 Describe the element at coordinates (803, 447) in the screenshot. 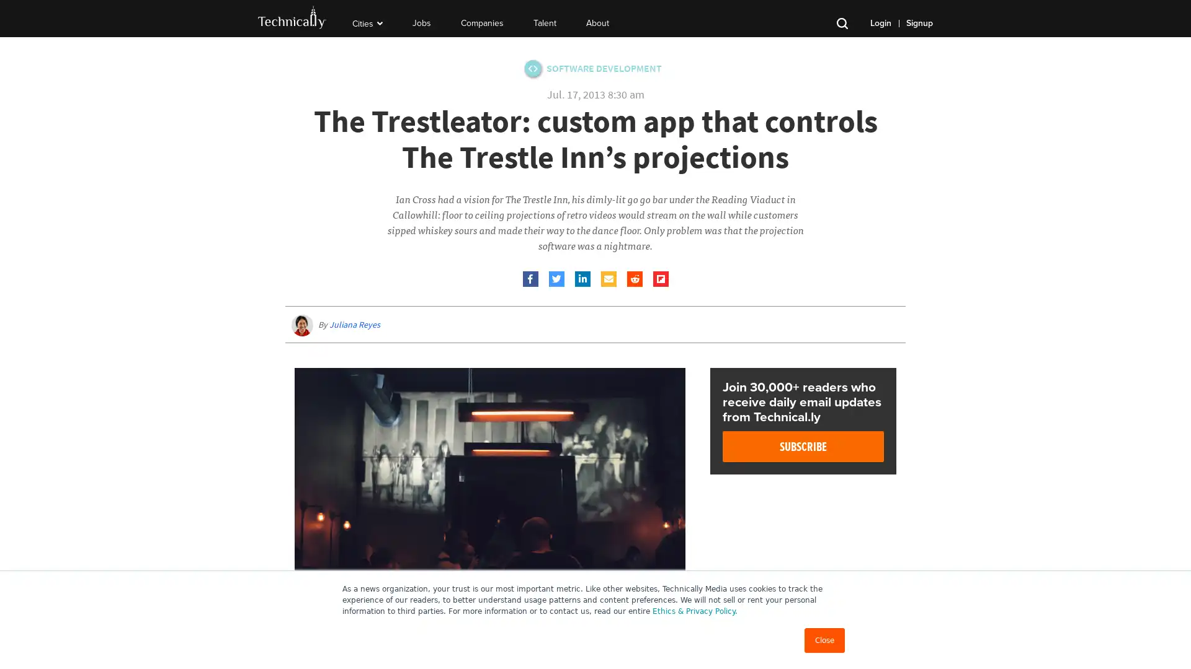

I see `Subscribe` at that location.